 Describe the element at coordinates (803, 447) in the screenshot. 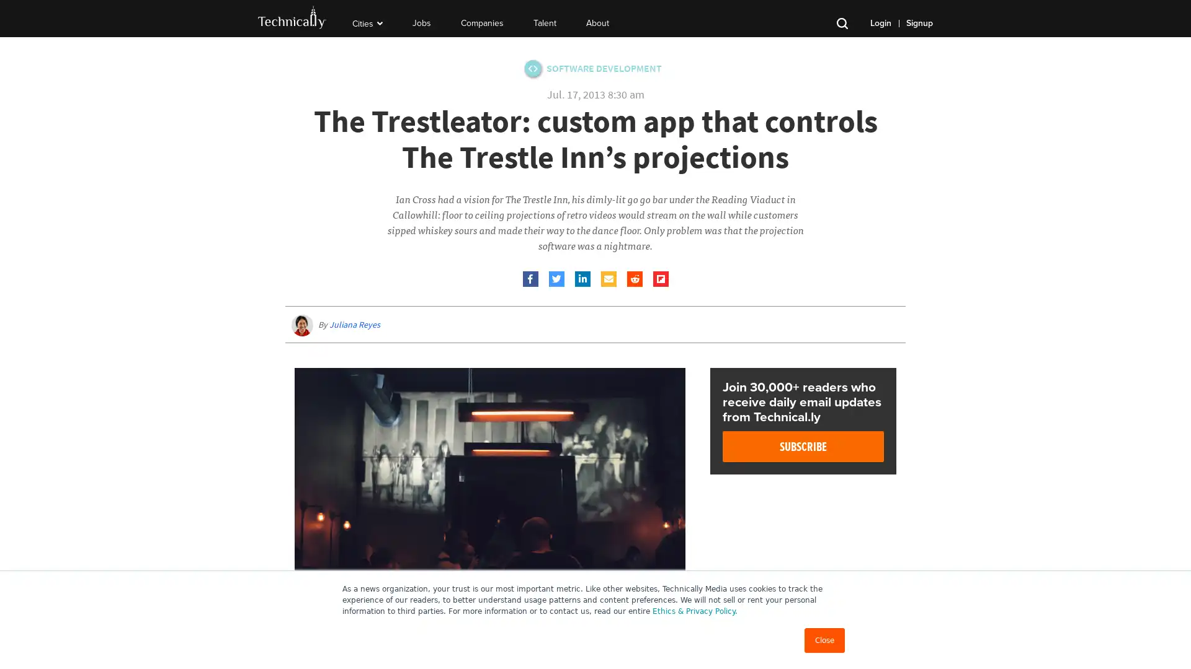

I see `Subscribe` at that location.